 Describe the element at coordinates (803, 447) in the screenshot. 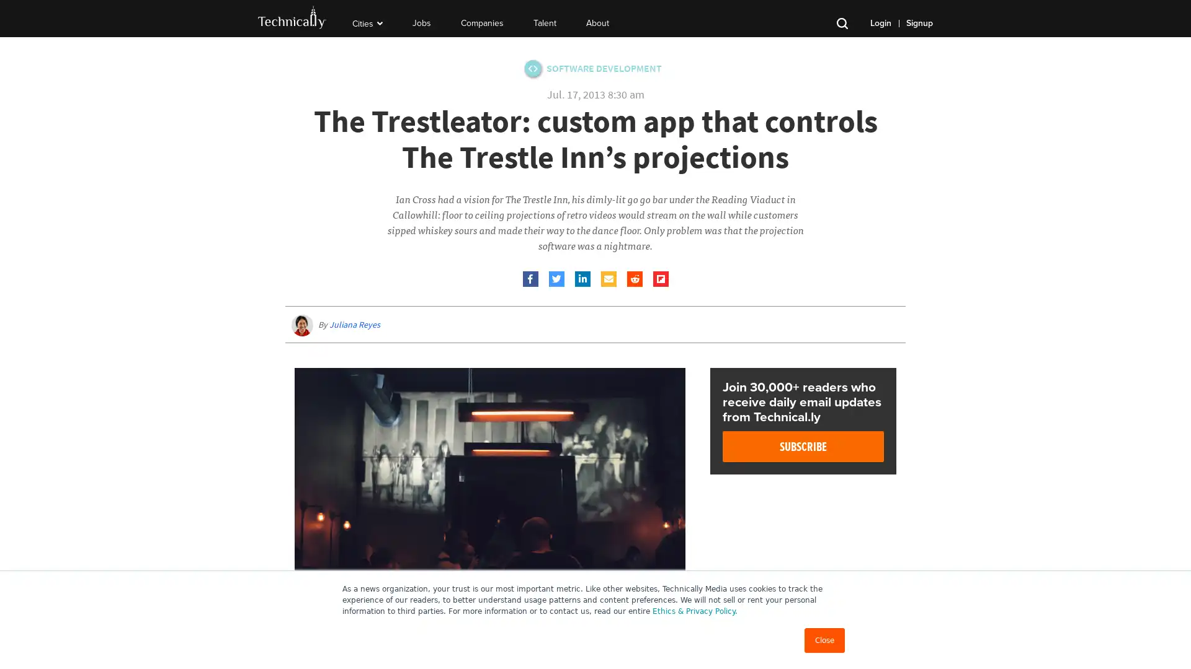

I see `Subscribe` at that location.